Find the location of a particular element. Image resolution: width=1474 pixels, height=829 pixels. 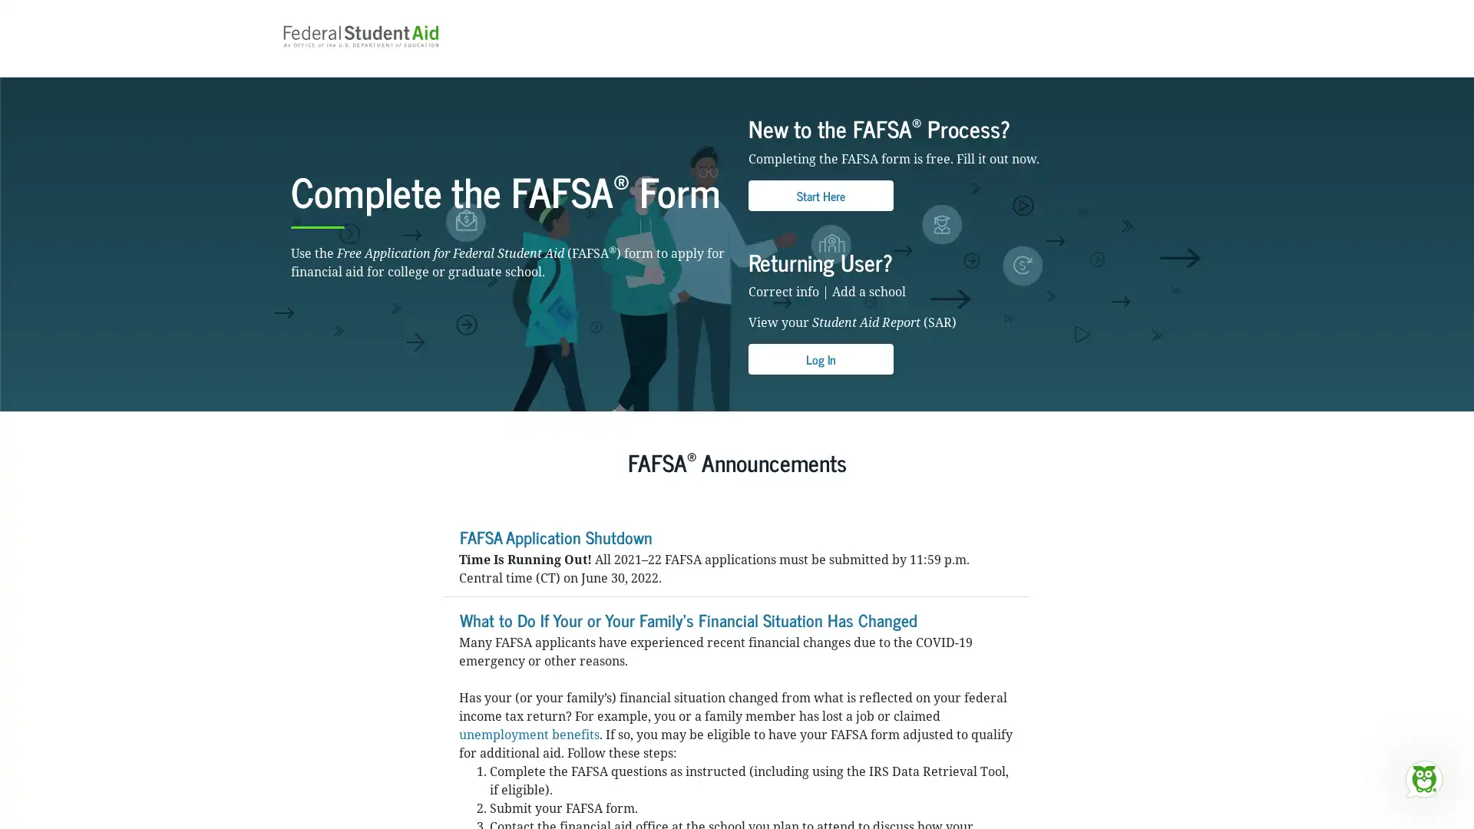

Log In is located at coordinates (820, 381).